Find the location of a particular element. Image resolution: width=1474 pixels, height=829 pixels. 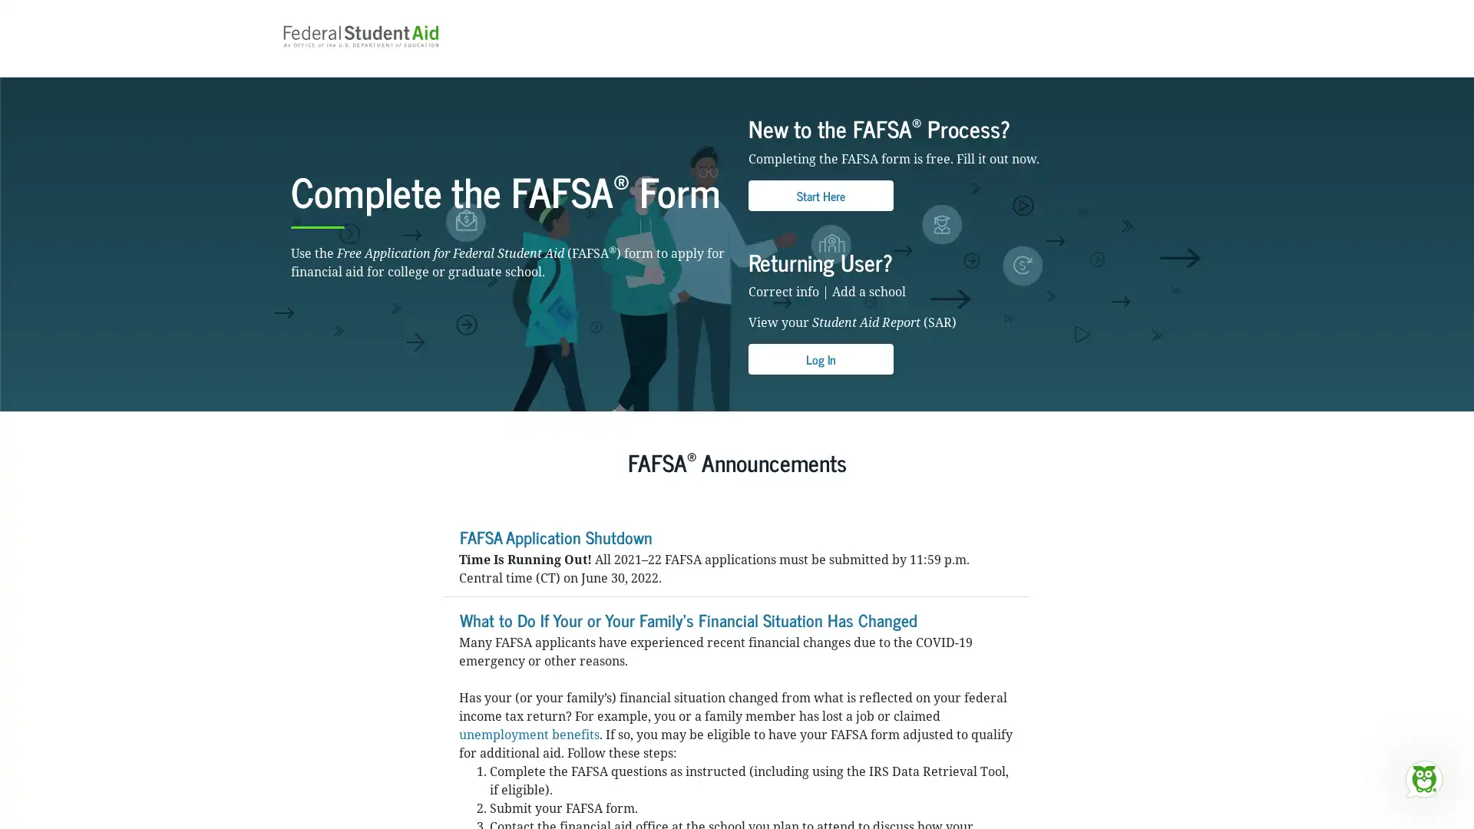

Log In is located at coordinates (820, 381).